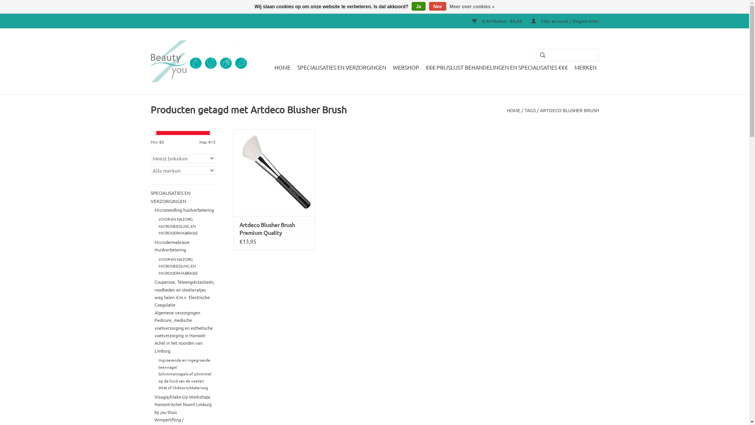  Describe the element at coordinates (182, 387) in the screenshot. I see `'Wrat of likdoorn/eksteroog'` at that location.